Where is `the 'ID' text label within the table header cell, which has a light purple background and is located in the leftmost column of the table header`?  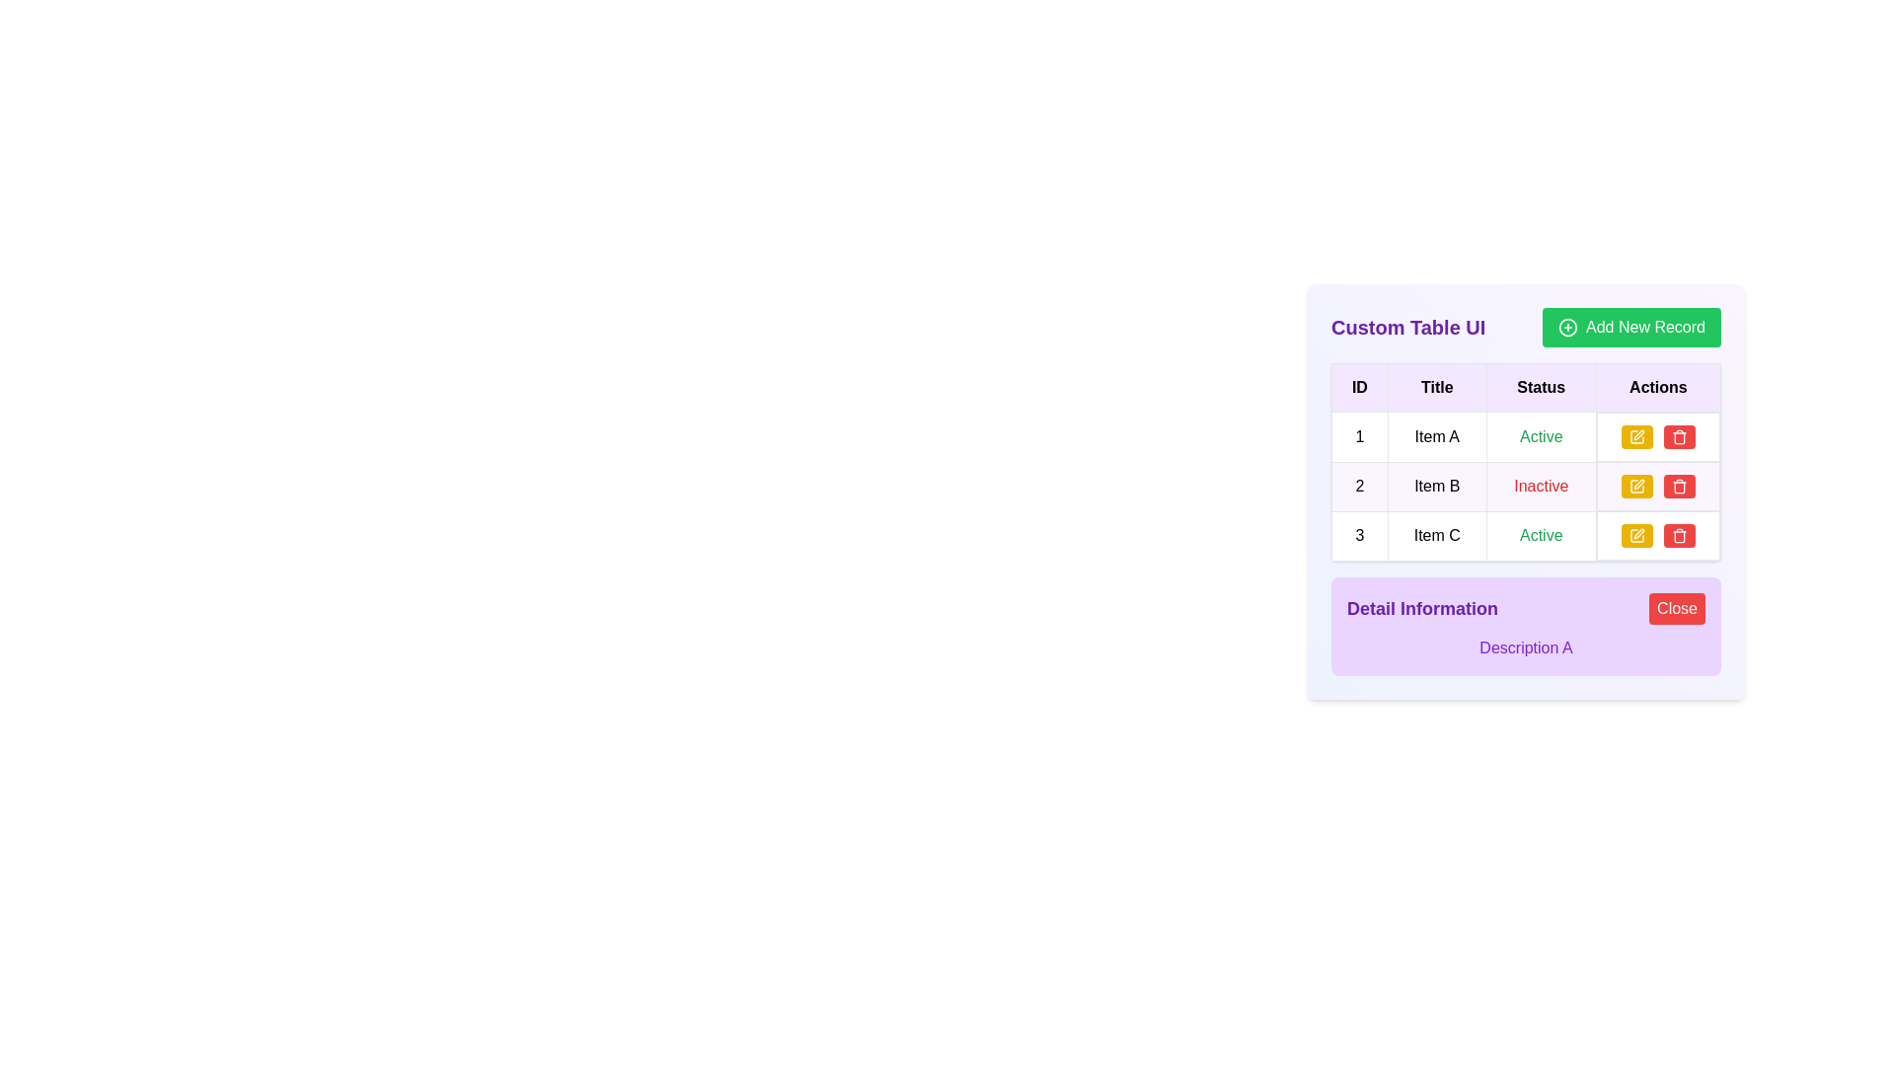
the 'ID' text label within the table header cell, which has a light purple background and is located in the leftmost column of the table header is located at coordinates (1358, 388).